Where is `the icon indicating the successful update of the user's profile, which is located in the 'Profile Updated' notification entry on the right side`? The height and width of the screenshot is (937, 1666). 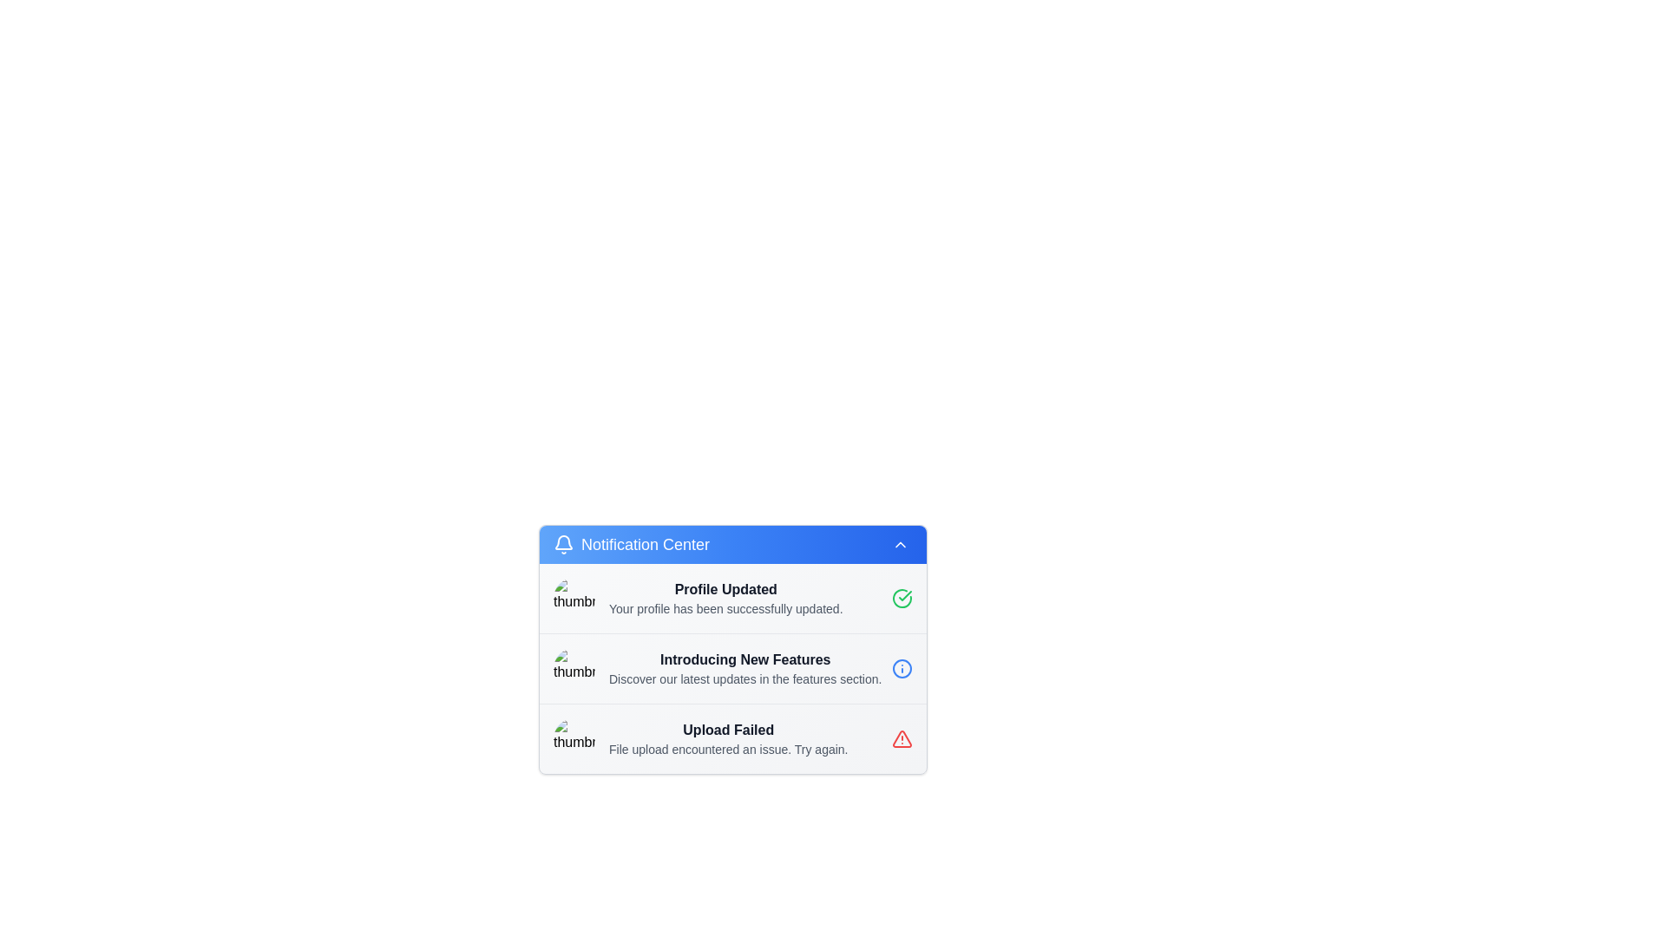 the icon indicating the successful update of the user's profile, which is located in the 'Profile Updated' notification entry on the right side is located at coordinates (902, 598).